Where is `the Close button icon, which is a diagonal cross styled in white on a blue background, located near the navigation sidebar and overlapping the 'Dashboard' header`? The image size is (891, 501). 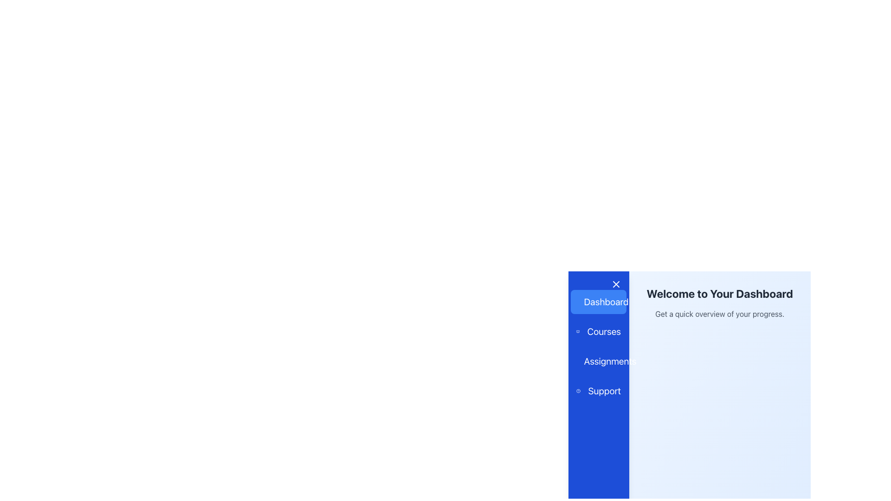 the Close button icon, which is a diagonal cross styled in white on a blue background, located near the navigation sidebar and overlapping the 'Dashboard' header is located at coordinates (616, 284).